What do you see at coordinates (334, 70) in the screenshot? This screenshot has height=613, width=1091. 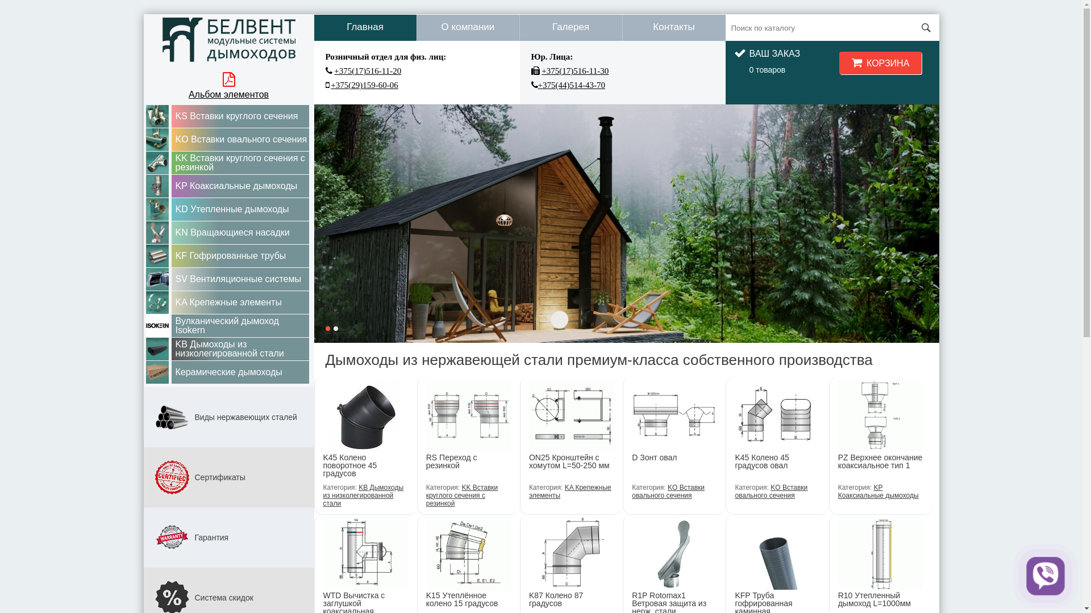 I see `'+375(17)516-11-20'` at bounding box center [334, 70].